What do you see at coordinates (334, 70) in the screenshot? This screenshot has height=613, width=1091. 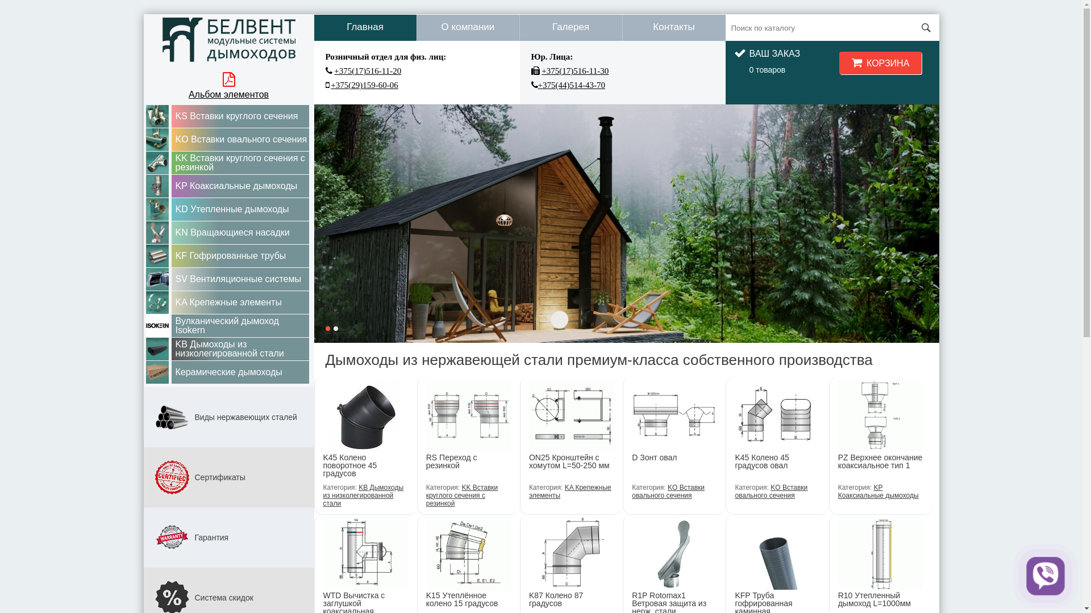 I see `'+375(17)516-11-20'` at bounding box center [334, 70].